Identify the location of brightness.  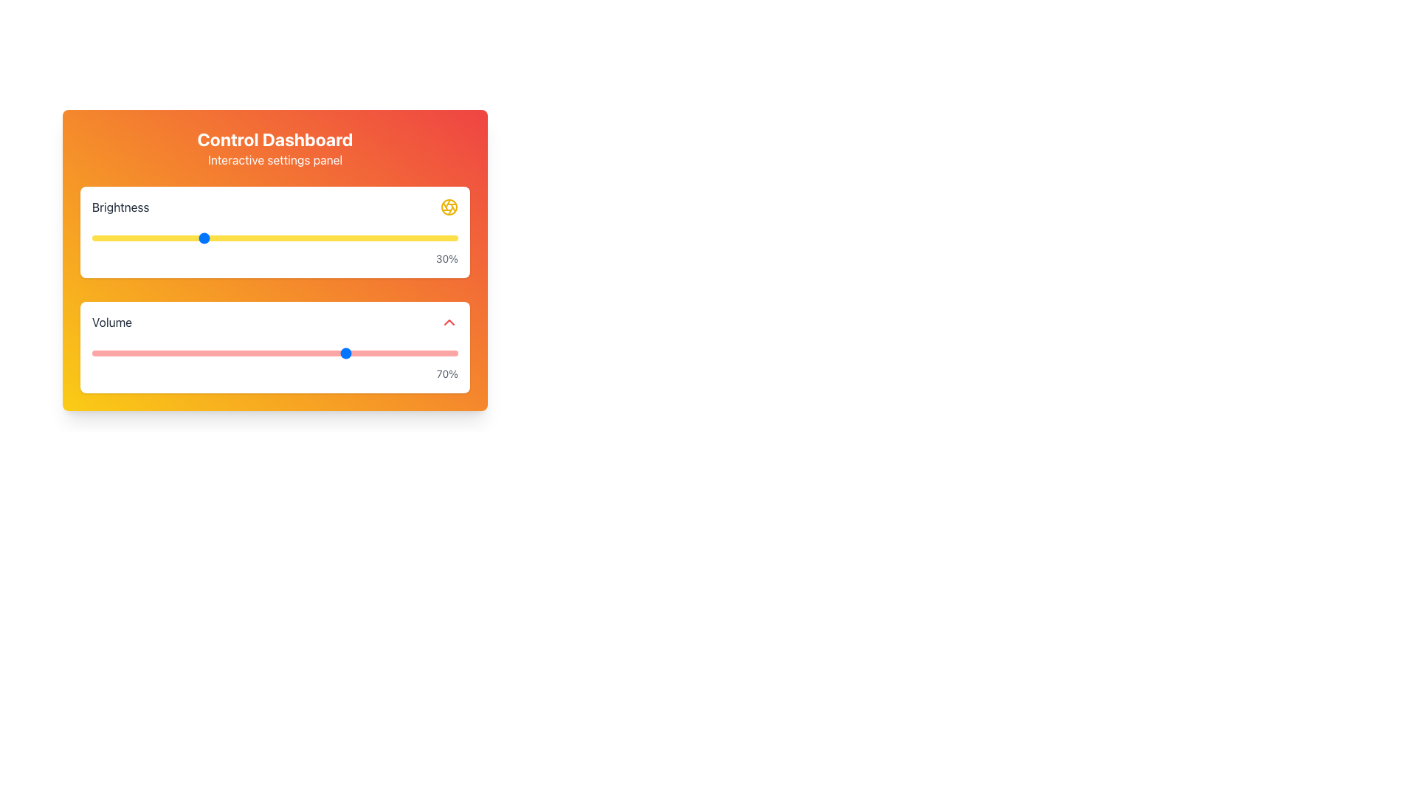
(197, 238).